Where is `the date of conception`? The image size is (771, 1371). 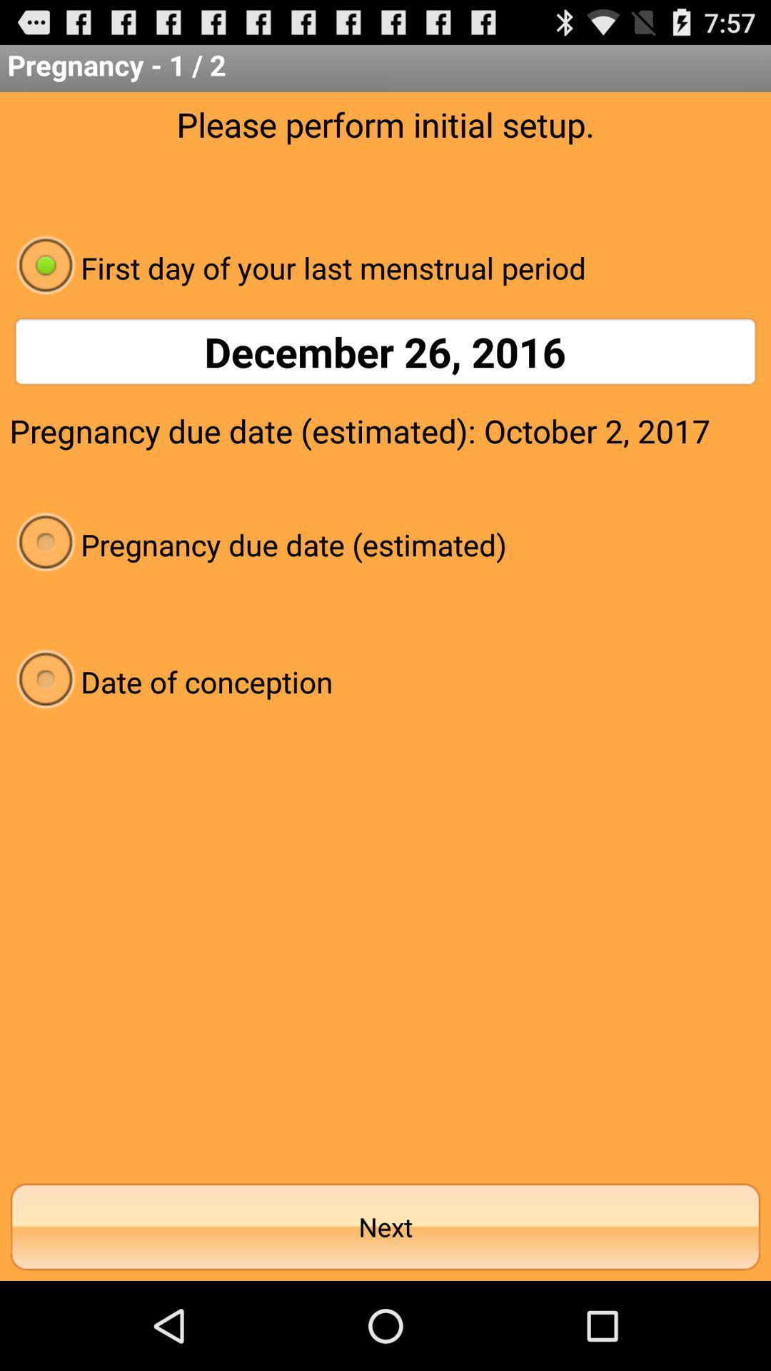 the date of conception is located at coordinates (385, 681).